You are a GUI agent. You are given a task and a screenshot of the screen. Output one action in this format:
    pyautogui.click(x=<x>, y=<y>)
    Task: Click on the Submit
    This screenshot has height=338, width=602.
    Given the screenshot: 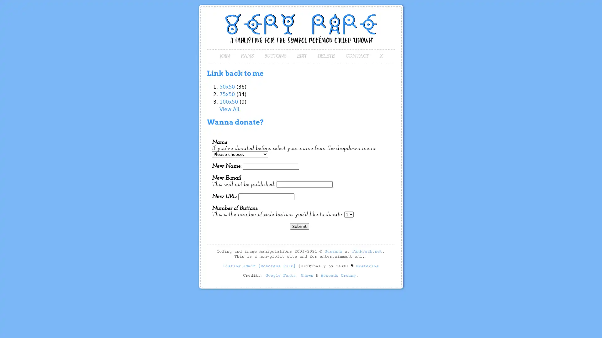 What is the action you would take?
    pyautogui.click(x=299, y=226)
    